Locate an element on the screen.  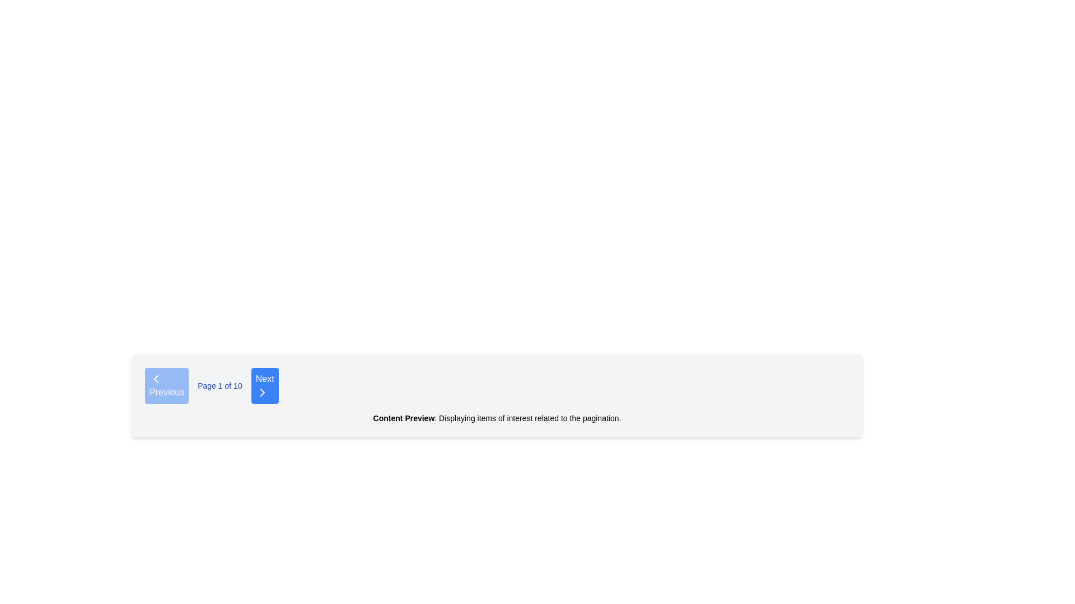
the text label that reads 'Content Preview: Displaying items of interest related to the pagination.', which serves as a header or title below the pagination controls is located at coordinates (403, 418).